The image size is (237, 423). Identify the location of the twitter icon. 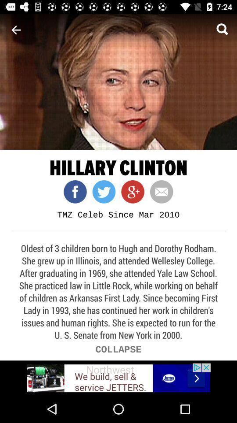
(101, 192).